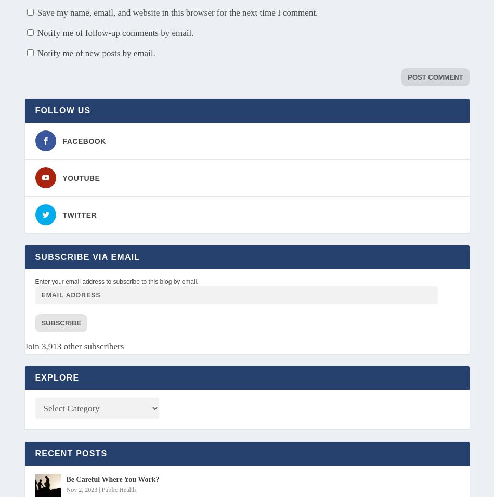 The image size is (494, 497). What do you see at coordinates (119, 489) in the screenshot?
I see `'Public Health'` at bounding box center [119, 489].